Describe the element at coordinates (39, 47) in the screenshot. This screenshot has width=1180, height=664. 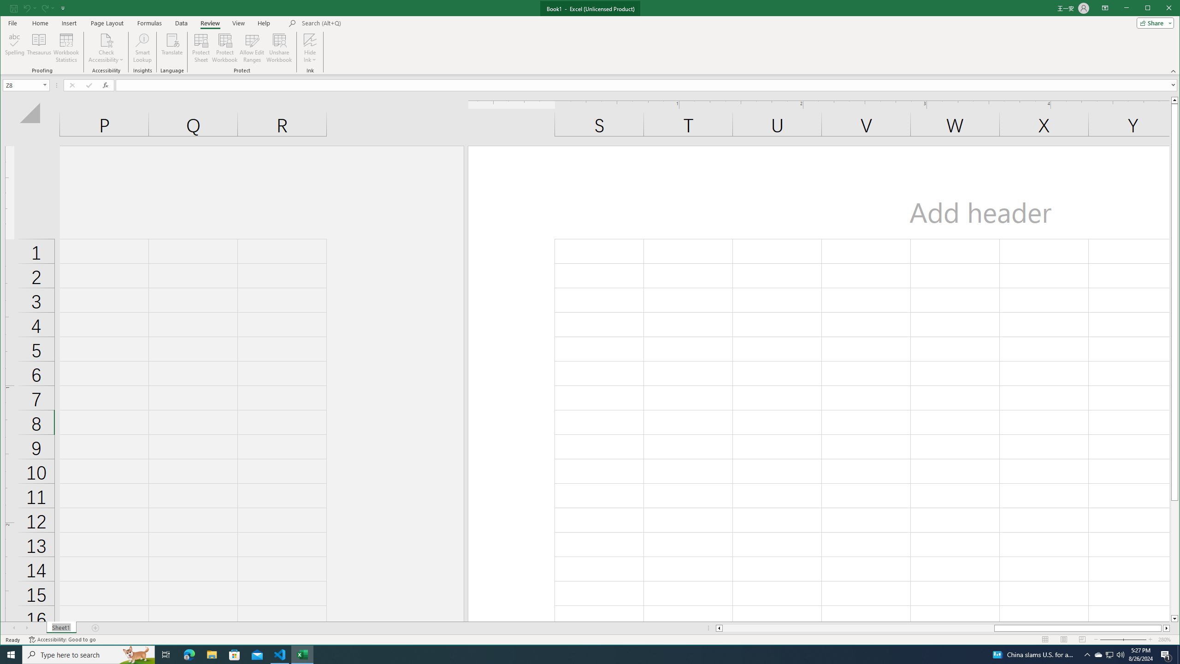
I see `'Thesaurus...'` at that location.